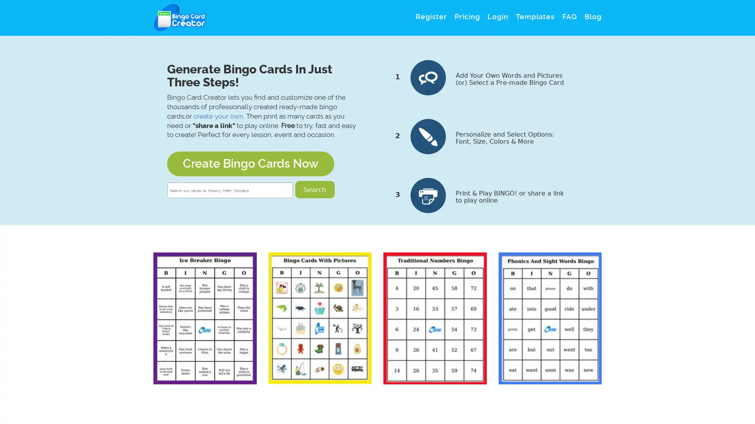 This screenshot has width=755, height=424. Describe the element at coordinates (315, 189) in the screenshot. I see `Search` at that location.